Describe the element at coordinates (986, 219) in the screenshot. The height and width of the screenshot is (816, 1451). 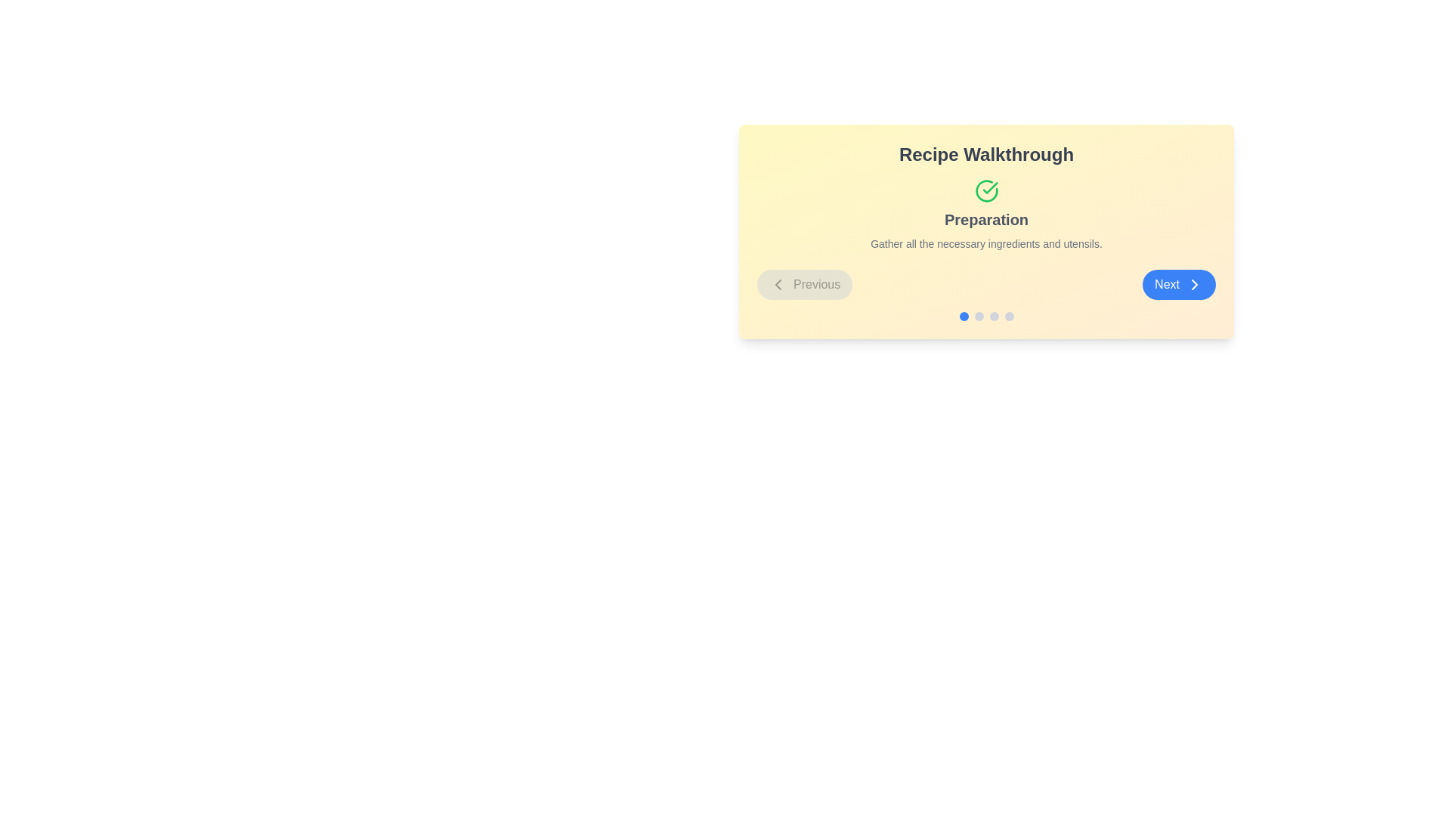
I see `the heading text element that indicates the 'Preparation' stage, positioned centrally within a card interface, below a green checkmark icon` at that location.